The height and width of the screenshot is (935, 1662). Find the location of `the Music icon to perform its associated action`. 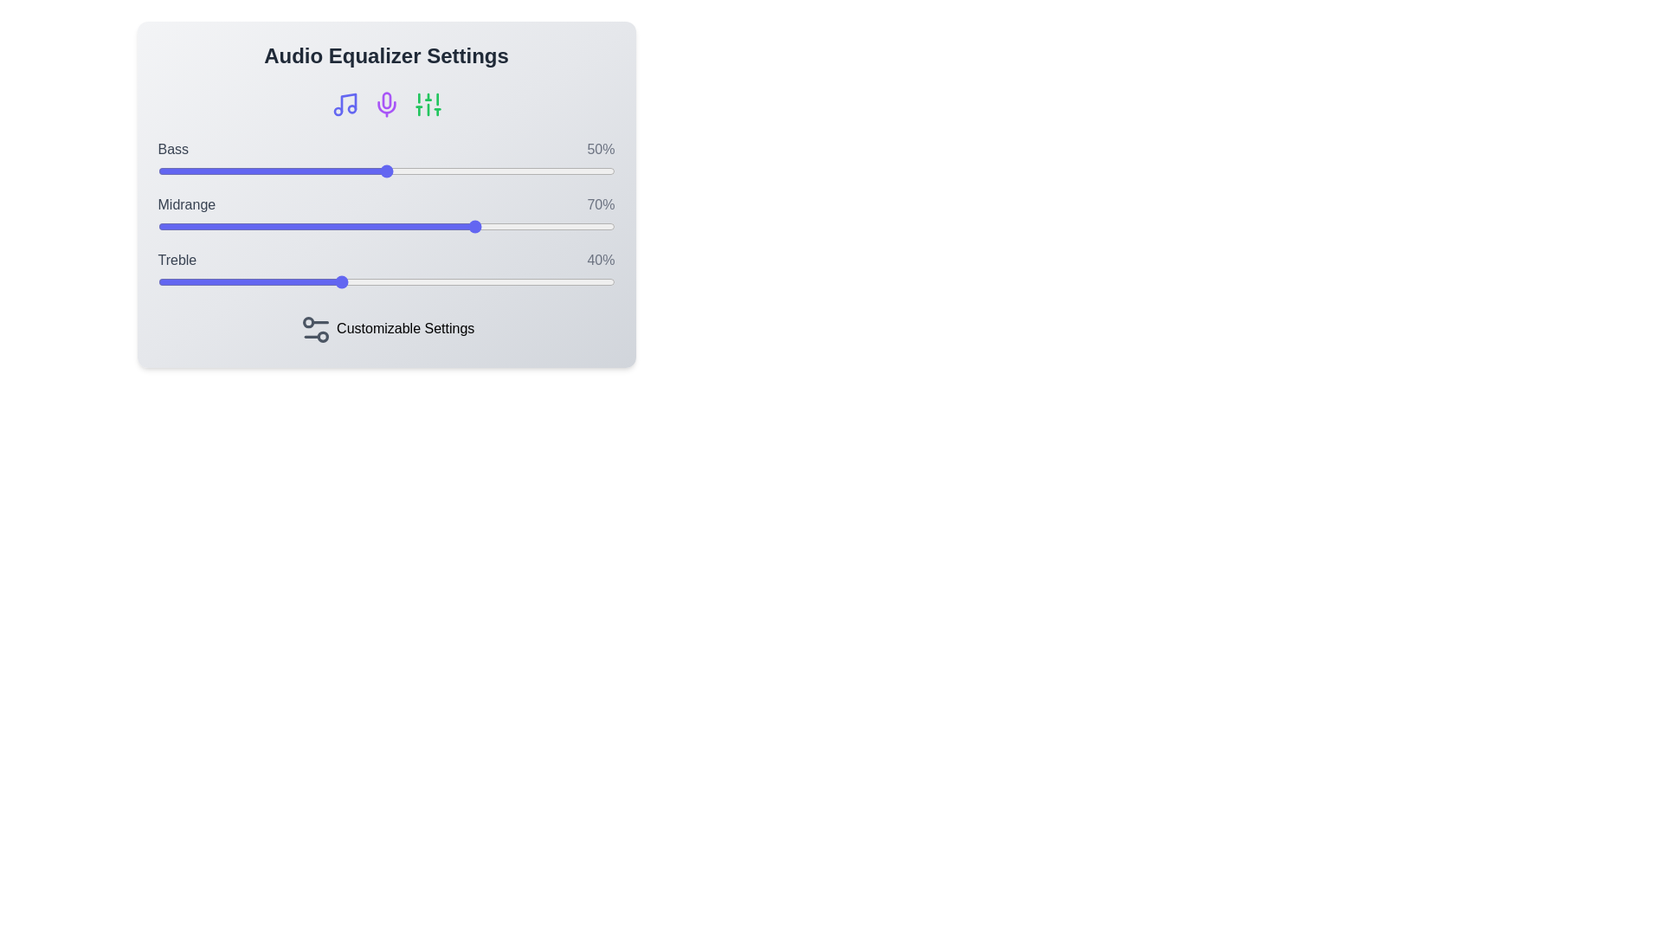

the Music icon to perform its associated action is located at coordinates (345, 104).